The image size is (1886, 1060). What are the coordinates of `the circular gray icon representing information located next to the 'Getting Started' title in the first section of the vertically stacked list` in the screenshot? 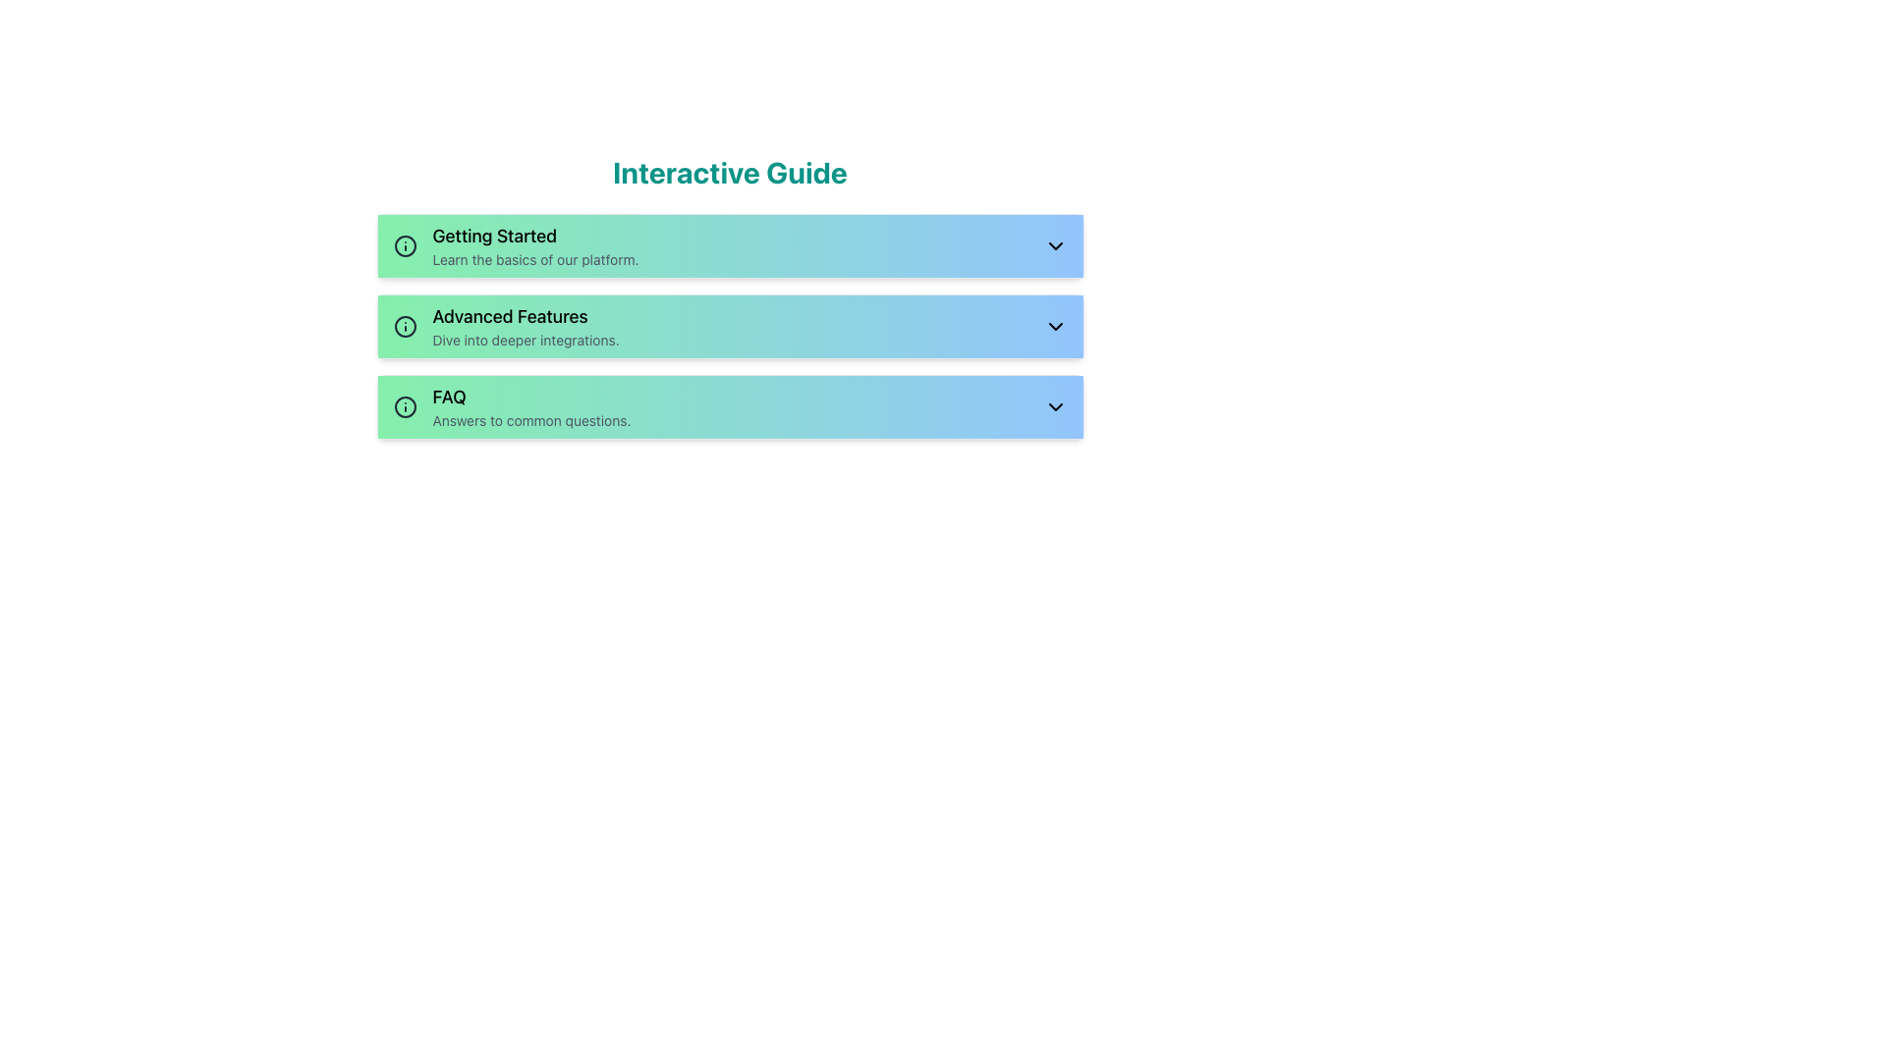 It's located at (404, 244).